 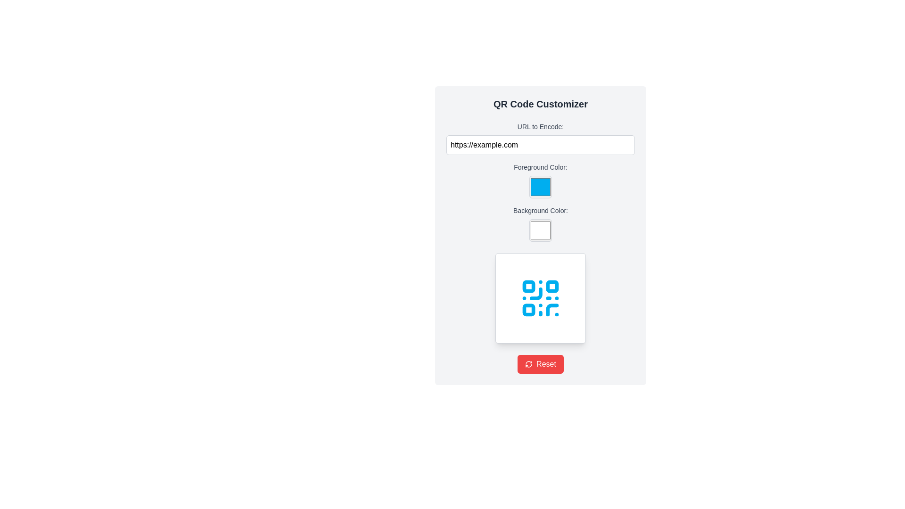 What do you see at coordinates (541, 104) in the screenshot?
I see `the text label or heading that indicates the purpose of the QR Code customization tool, positioned at the top of the section within a centered white card` at bounding box center [541, 104].